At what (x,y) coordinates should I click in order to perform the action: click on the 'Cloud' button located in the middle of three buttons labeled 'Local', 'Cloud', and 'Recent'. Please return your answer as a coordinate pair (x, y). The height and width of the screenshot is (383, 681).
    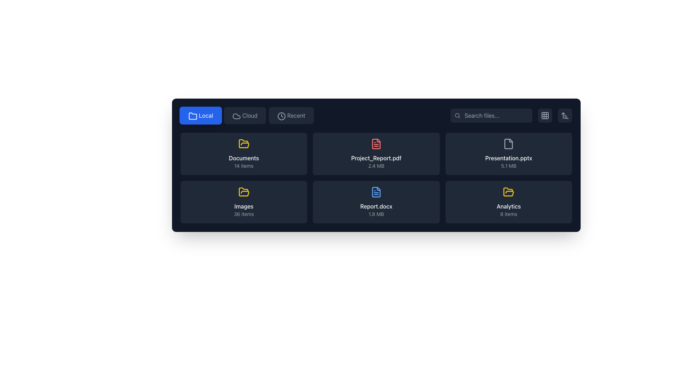
    Looking at the image, I should click on (247, 115).